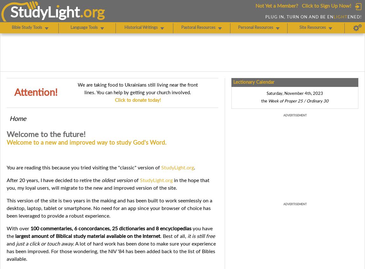 The width and height of the screenshot is (365, 269). What do you see at coordinates (127, 167) in the screenshot?
I see `'classic'` at bounding box center [127, 167].